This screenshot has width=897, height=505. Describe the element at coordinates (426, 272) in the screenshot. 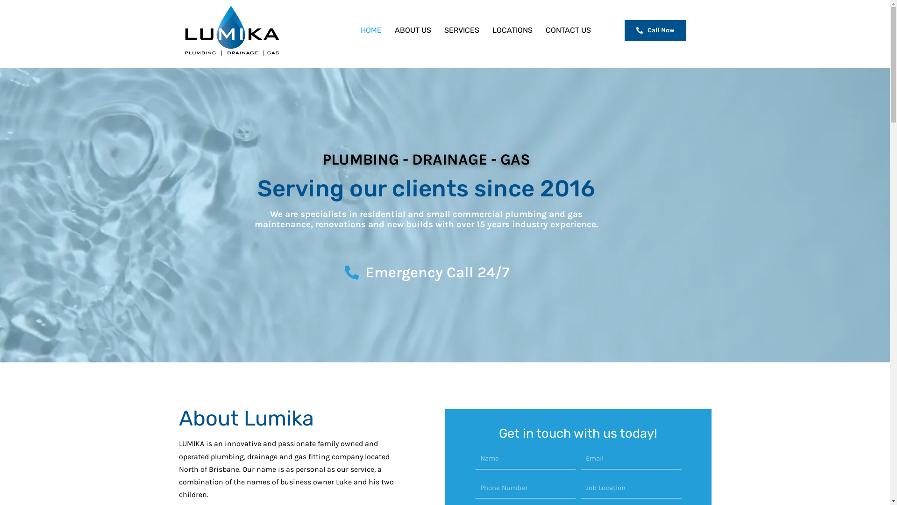

I see `'Emergency Call 24/7'` at that location.